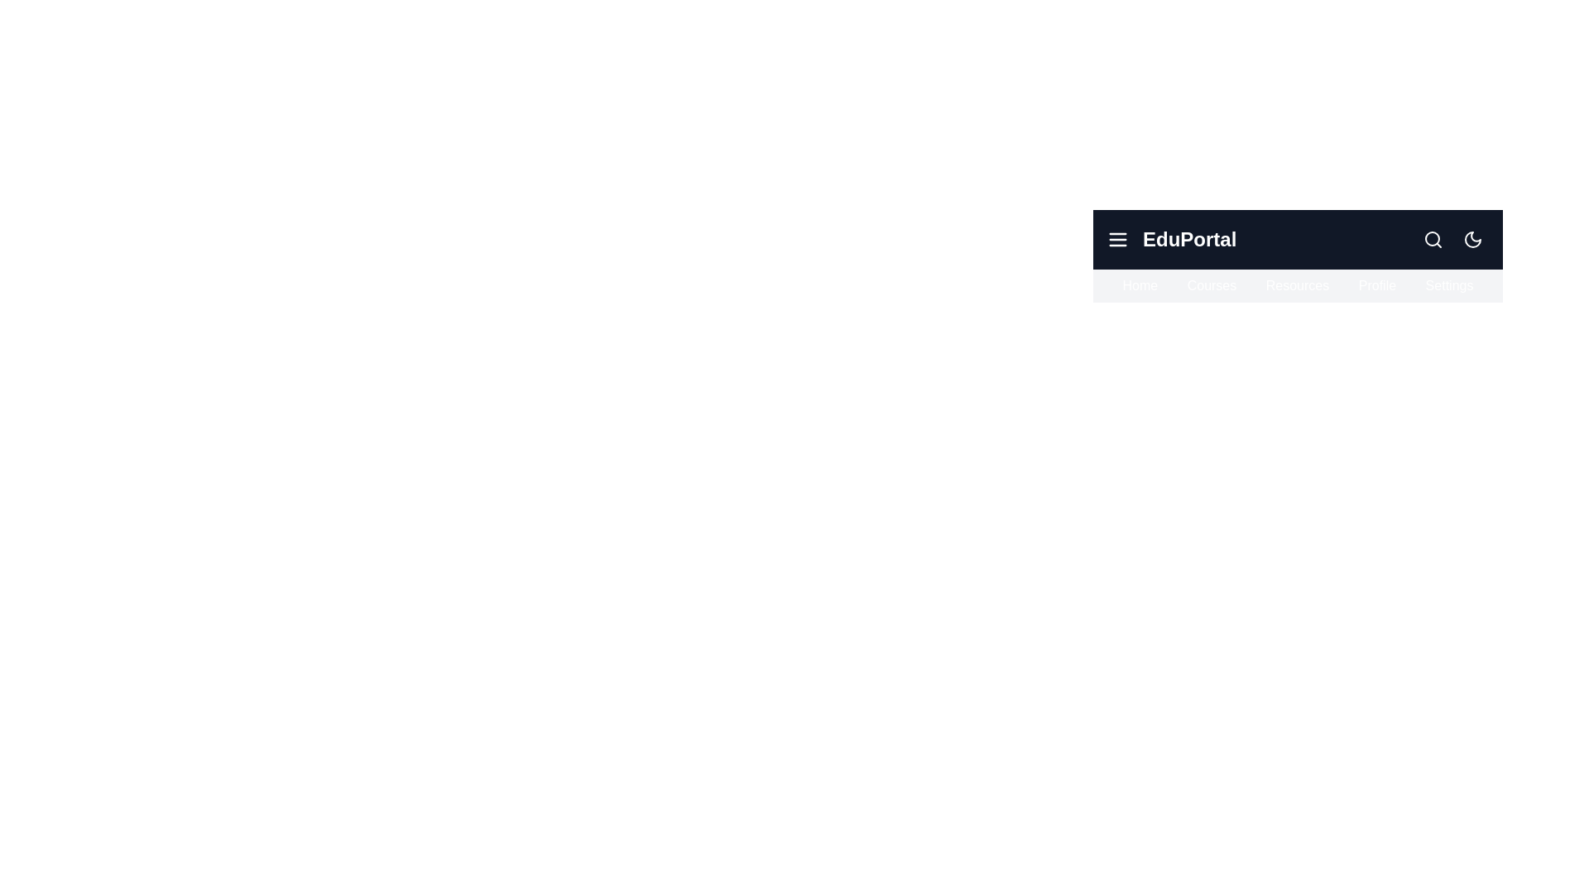 The image size is (1589, 893). Describe the element at coordinates (1448, 285) in the screenshot. I see `the navigation item Settings to highlight it` at that location.